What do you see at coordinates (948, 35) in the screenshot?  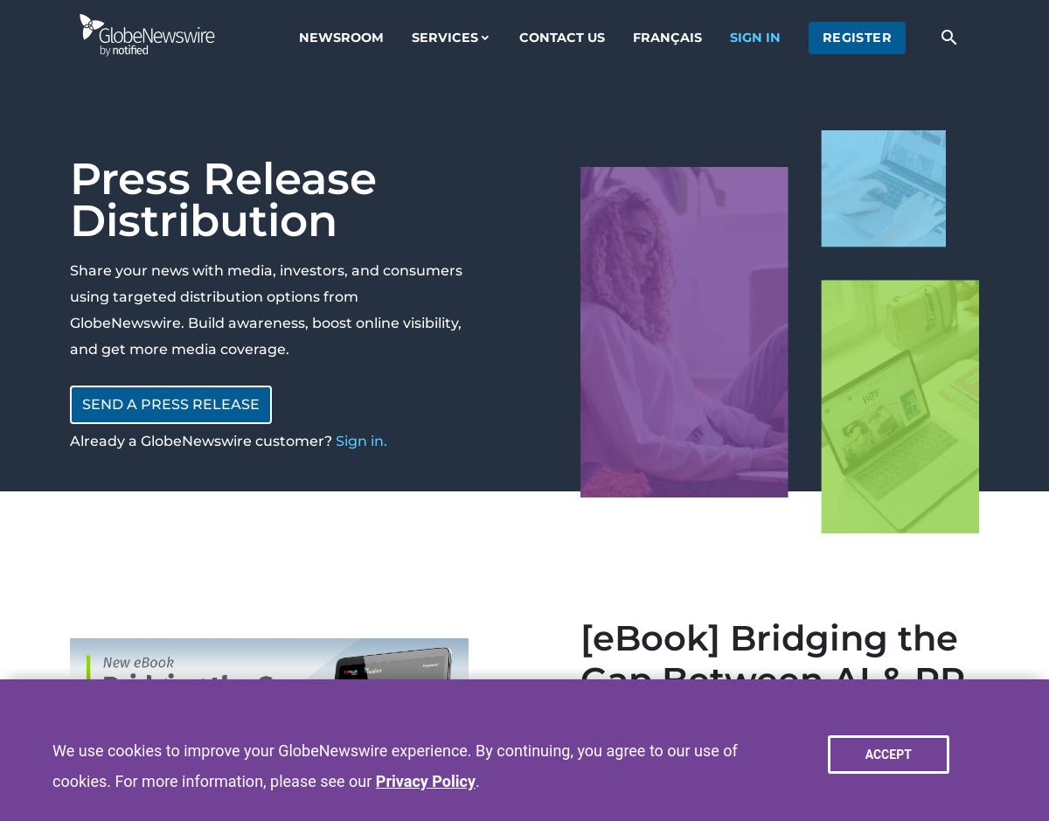 I see `'search'` at bounding box center [948, 35].